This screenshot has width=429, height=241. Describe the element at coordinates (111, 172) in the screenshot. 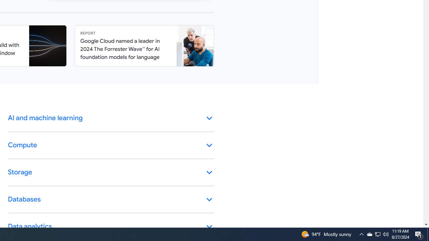

I see `'Storage keyboard_arrow_down'` at that location.